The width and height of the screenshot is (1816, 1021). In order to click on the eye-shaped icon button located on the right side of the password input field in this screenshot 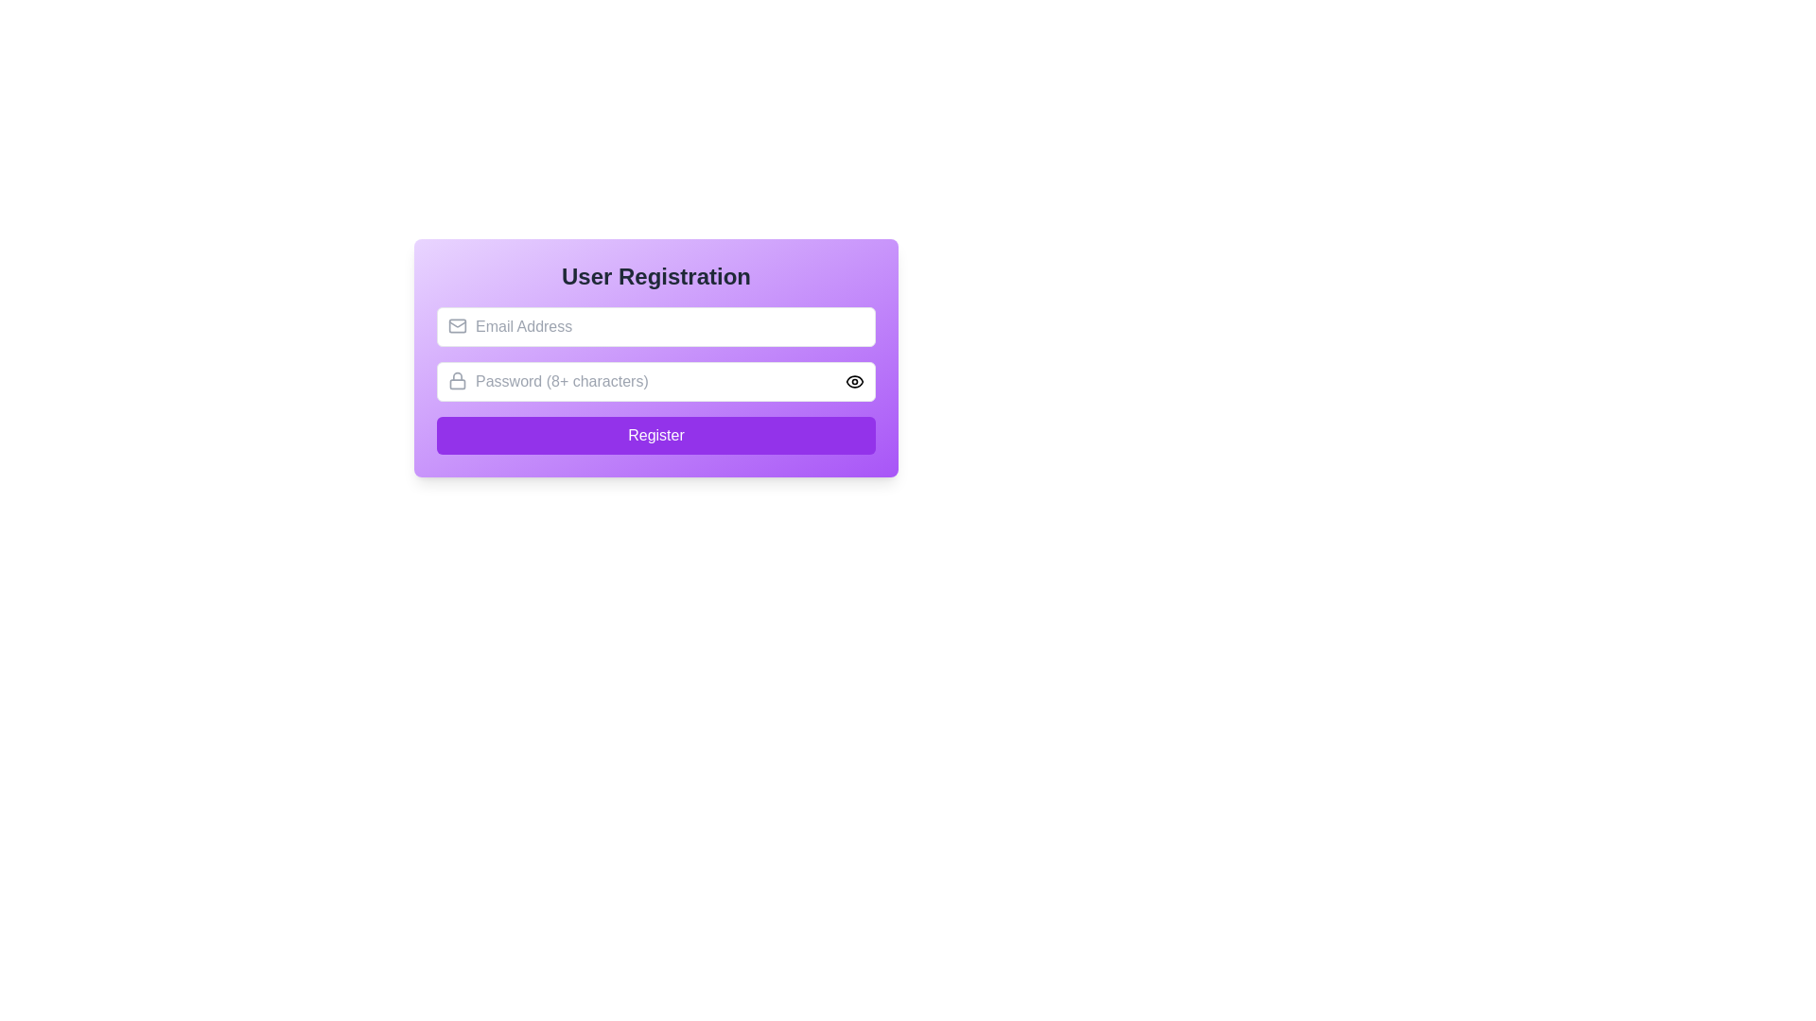, I will do `click(853, 382)`.